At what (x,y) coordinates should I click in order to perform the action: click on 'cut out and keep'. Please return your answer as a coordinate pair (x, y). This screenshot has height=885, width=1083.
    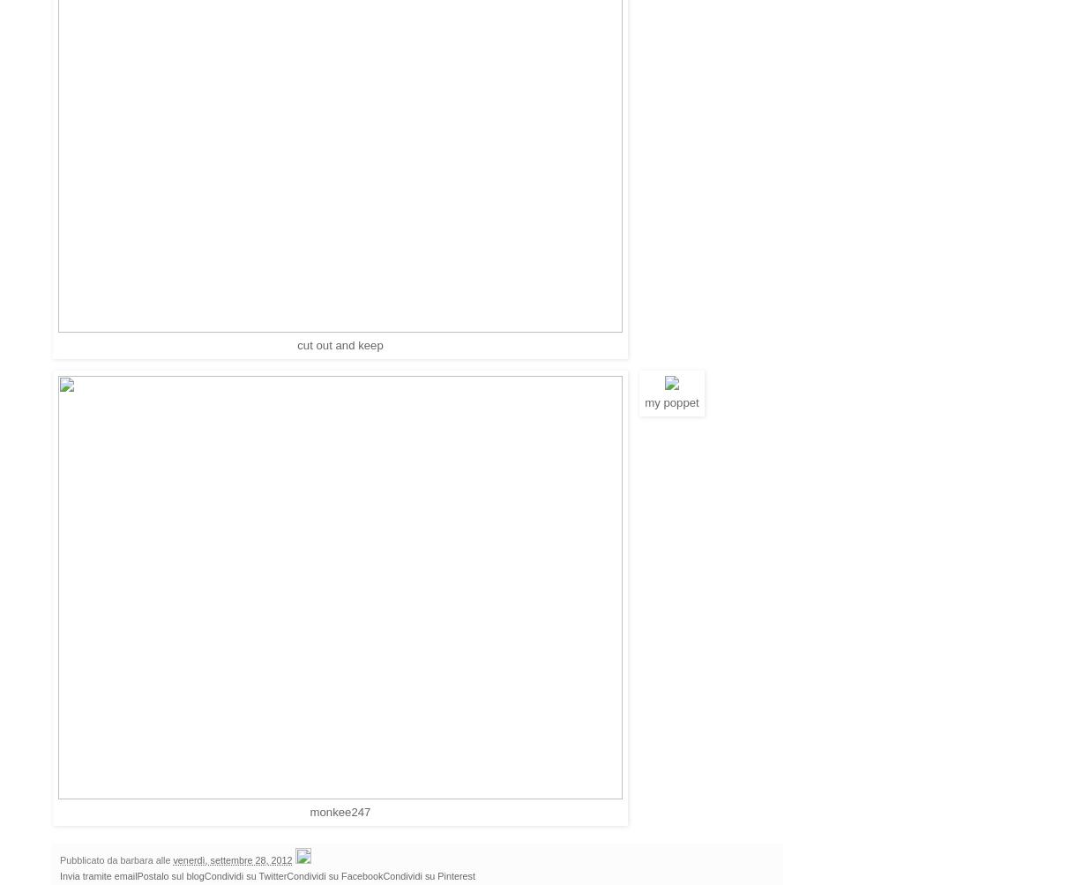
    Looking at the image, I should click on (340, 343).